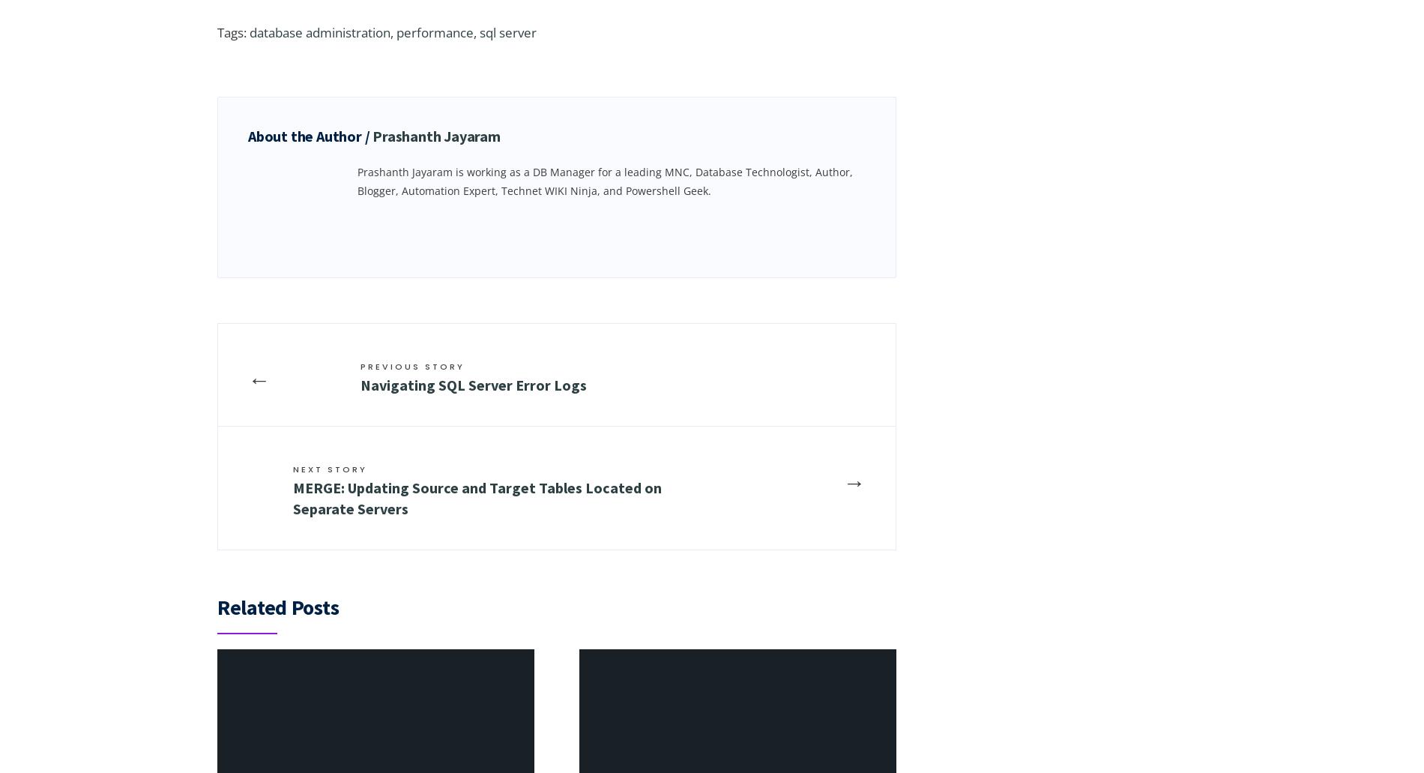 Image resolution: width=1424 pixels, height=773 pixels. Describe the element at coordinates (372, 135) in the screenshot. I see `'Prashanth Jayaram'` at that location.